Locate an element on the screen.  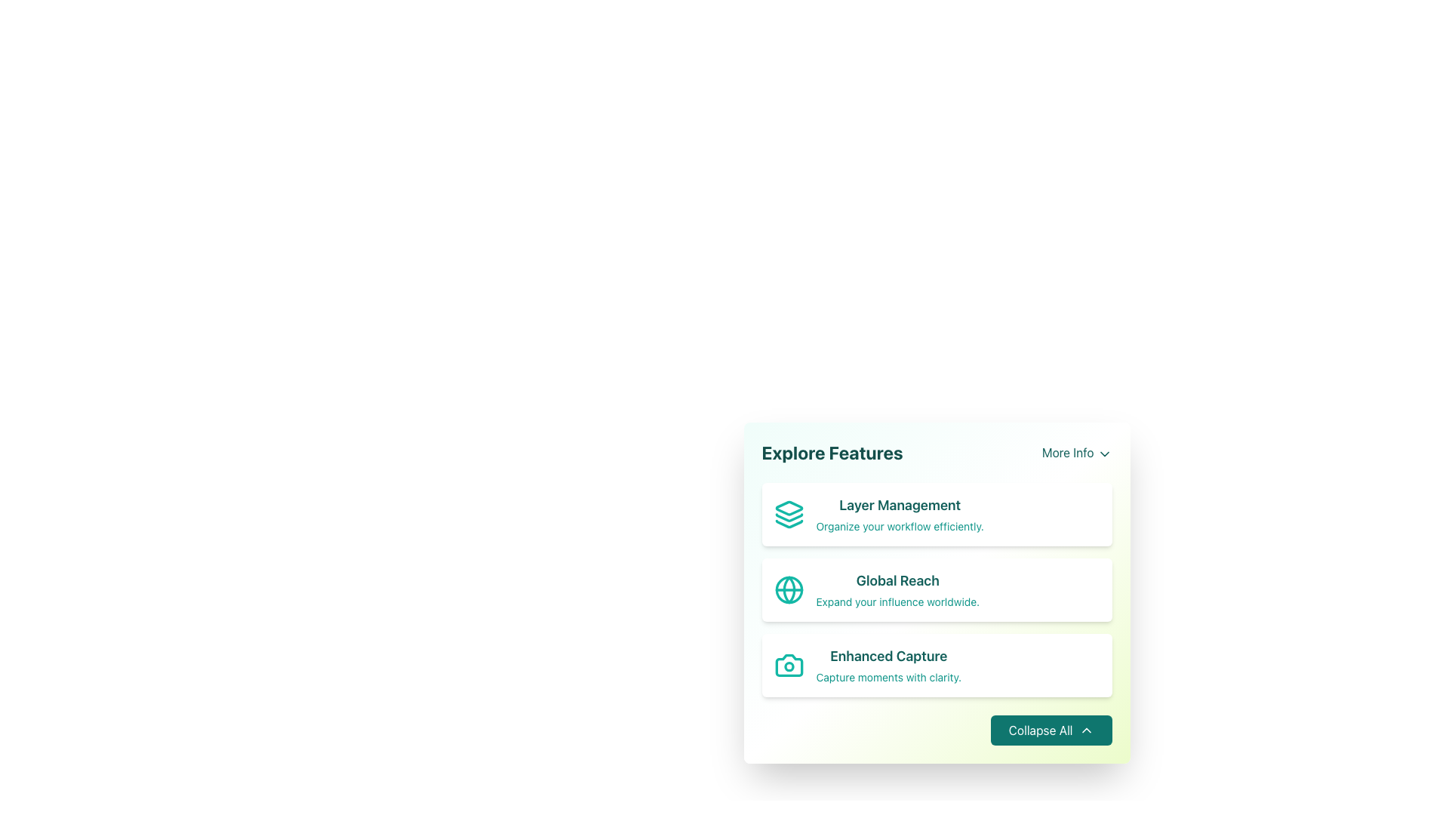
the Text Label that serves as the title for the feature description, positioned centrally in the second card of the 'Explore Features' section, between 'Layer Management' and 'Enhanced Capture' is located at coordinates (897, 580).